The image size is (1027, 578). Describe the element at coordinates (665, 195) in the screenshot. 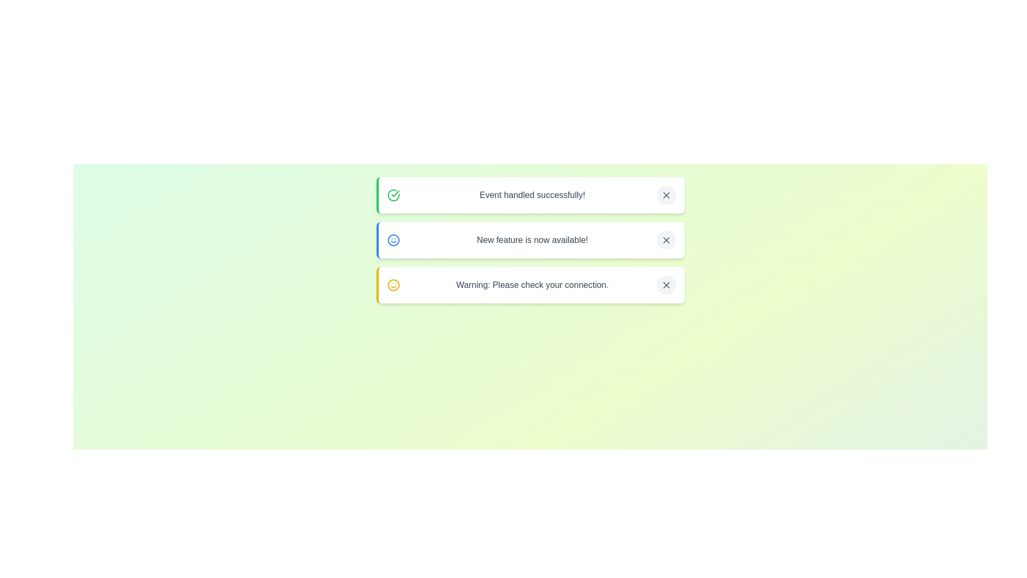

I see `the circular close button with a cross icon` at that location.